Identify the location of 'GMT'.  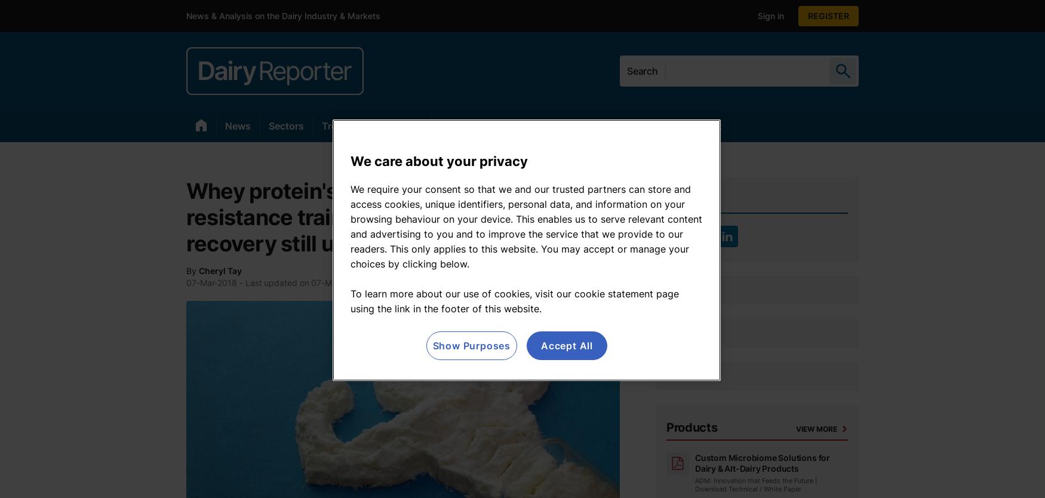
(407, 282).